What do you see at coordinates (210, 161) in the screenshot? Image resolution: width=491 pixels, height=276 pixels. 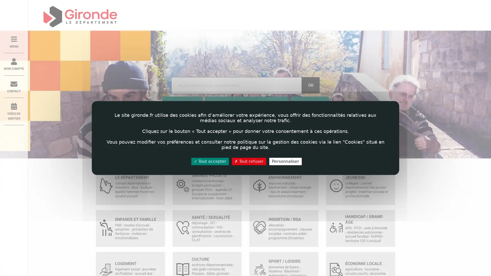 I see `Tout accepter` at bounding box center [210, 161].